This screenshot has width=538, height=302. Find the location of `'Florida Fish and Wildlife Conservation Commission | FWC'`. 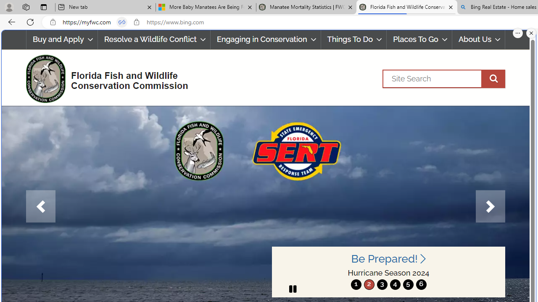

'Florida Fish and Wildlife Conservation Commission | FWC' is located at coordinates (406, 7).